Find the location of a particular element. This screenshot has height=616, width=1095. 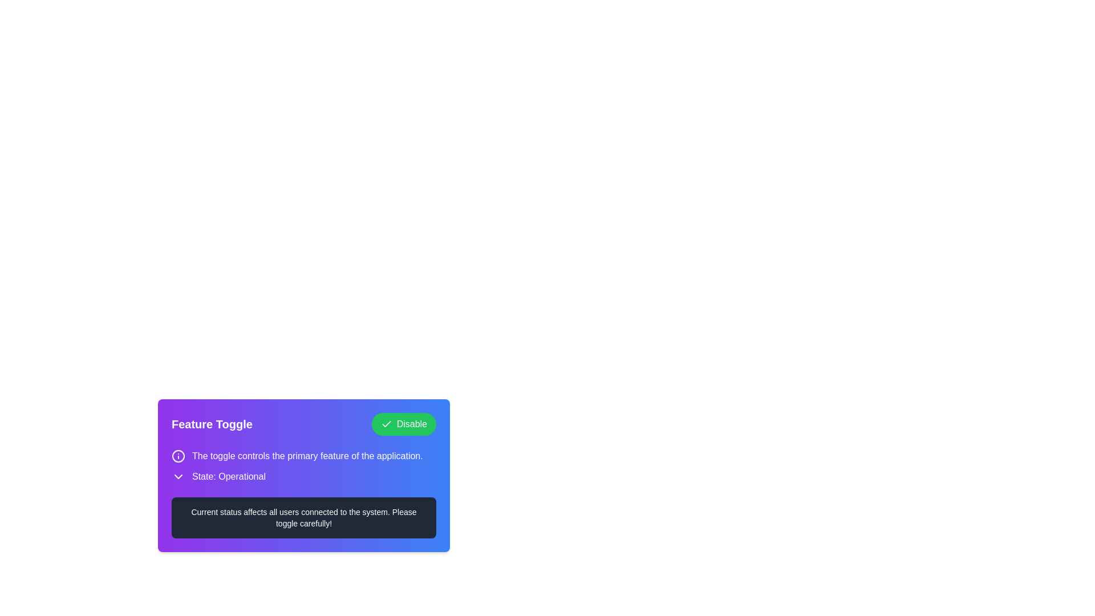

the informational label that describes the toggle feature in the application, located directly to the right of a small circular icon with a white 'i' symbol is located at coordinates (307, 455).